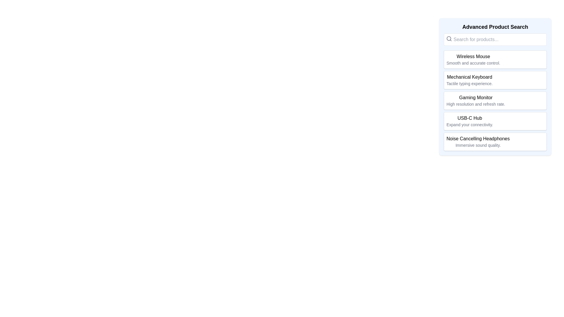  What do you see at coordinates (495, 100) in the screenshot?
I see `the 'Gaming Monitor' text description block styled in a box with a white background` at bounding box center [495, 100].